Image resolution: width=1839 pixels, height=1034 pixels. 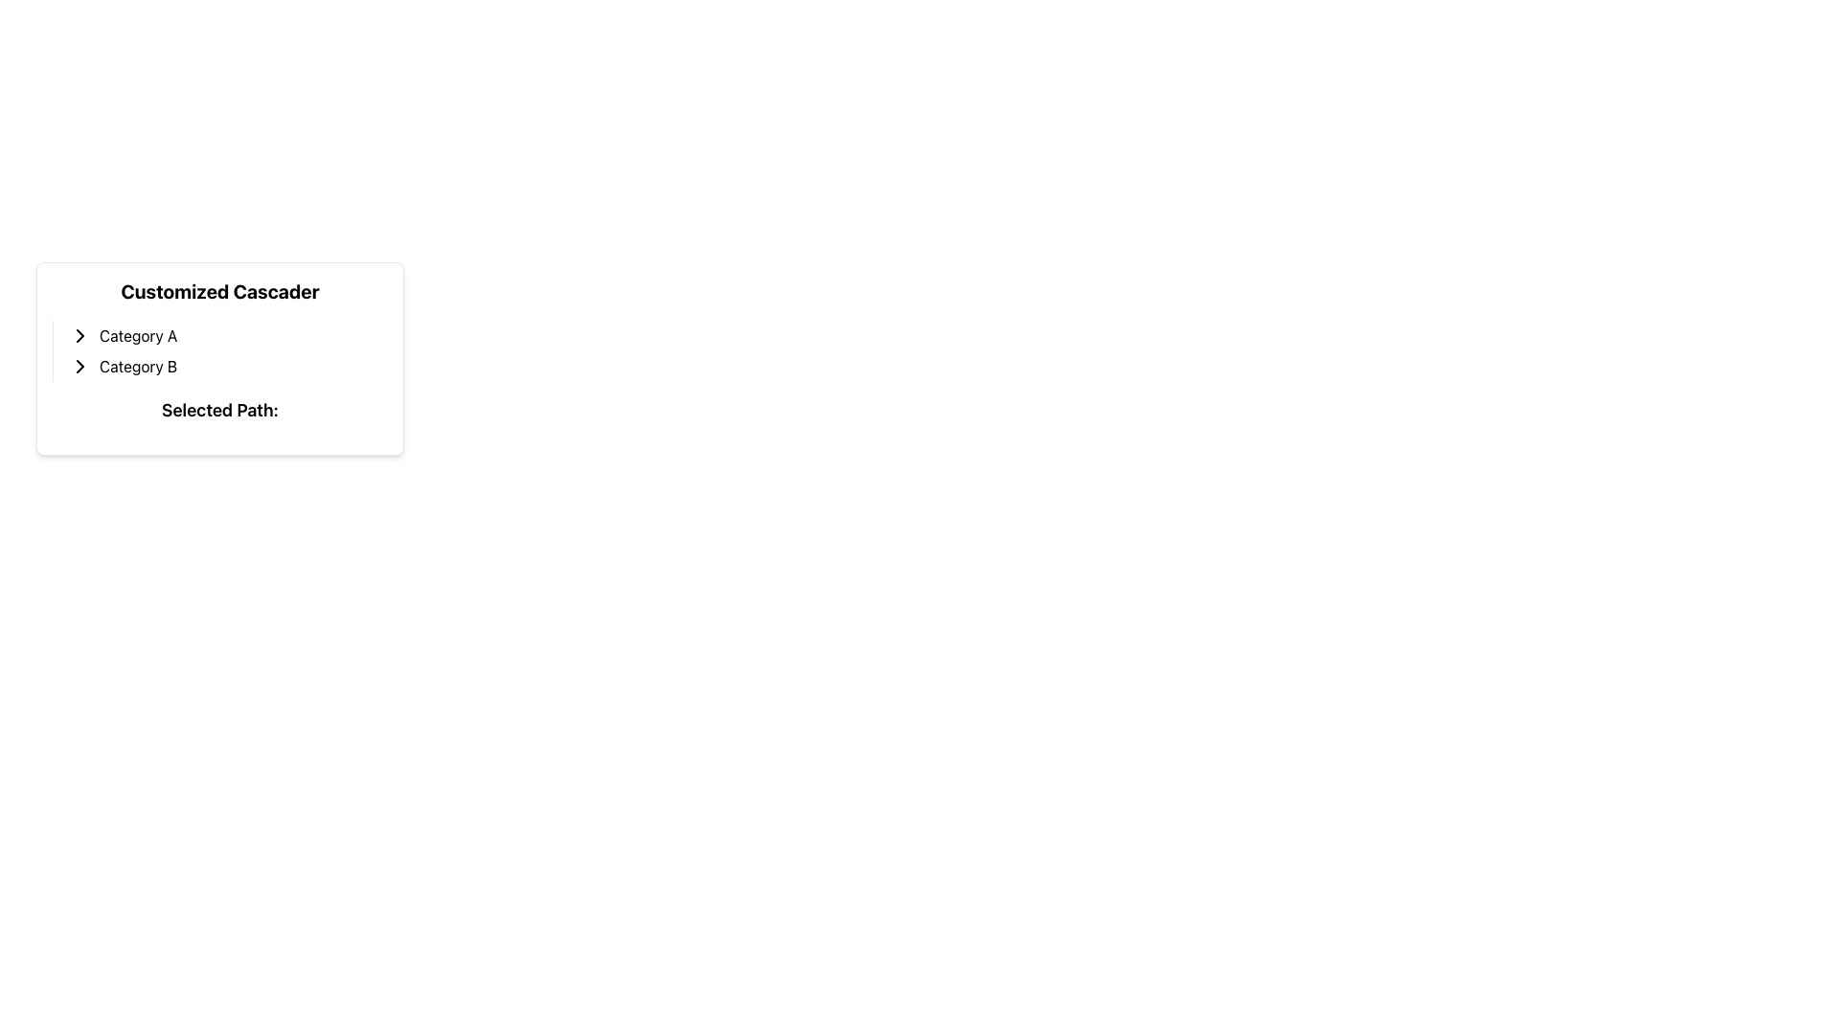 What do you see at coordinates (220, 358) in the screenshot?
I see `the 'Category A' or 'Category B' within the 'Customized Cascader' card` at bounding box center [220, 358].